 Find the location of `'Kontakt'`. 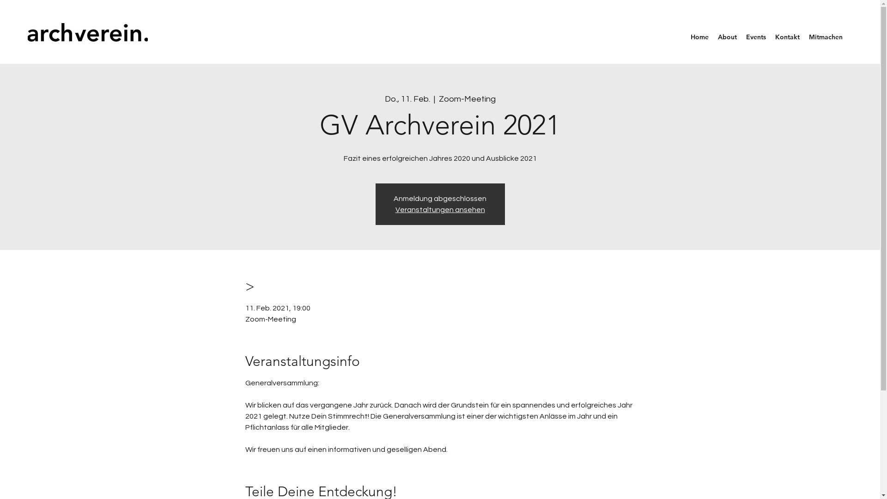

'Kontakt' is located at coordinates (787, 37).